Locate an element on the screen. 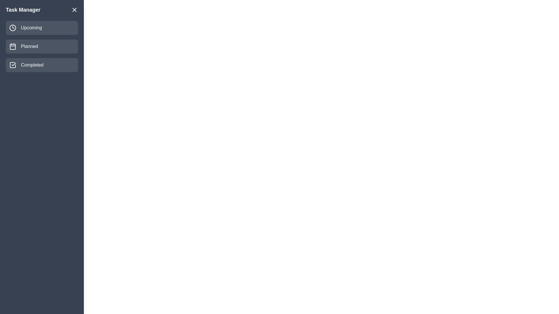  the task category Completed to view its tasks is located at coordinates (42, 65).